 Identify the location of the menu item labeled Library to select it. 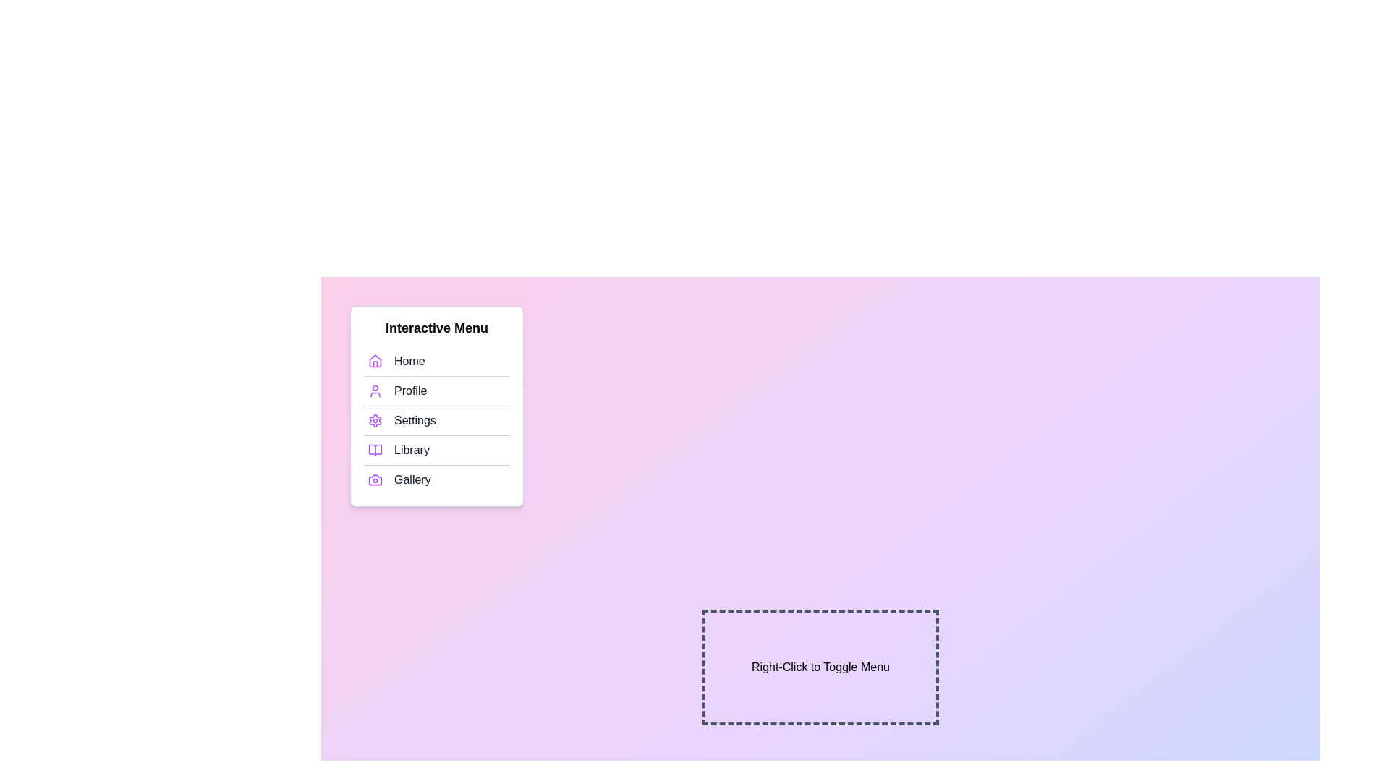
(436, 449).